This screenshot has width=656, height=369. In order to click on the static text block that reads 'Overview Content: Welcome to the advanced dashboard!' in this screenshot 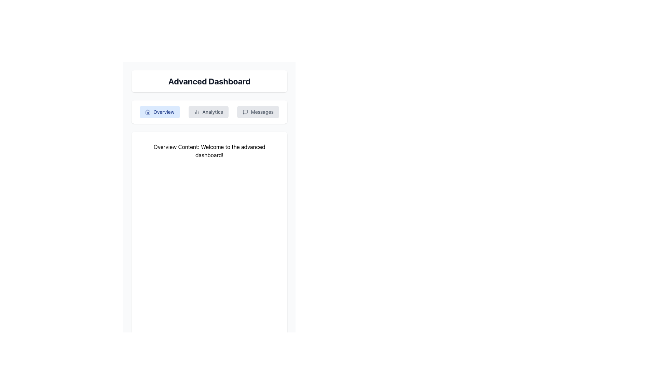, I will do `click(209, 151)`.